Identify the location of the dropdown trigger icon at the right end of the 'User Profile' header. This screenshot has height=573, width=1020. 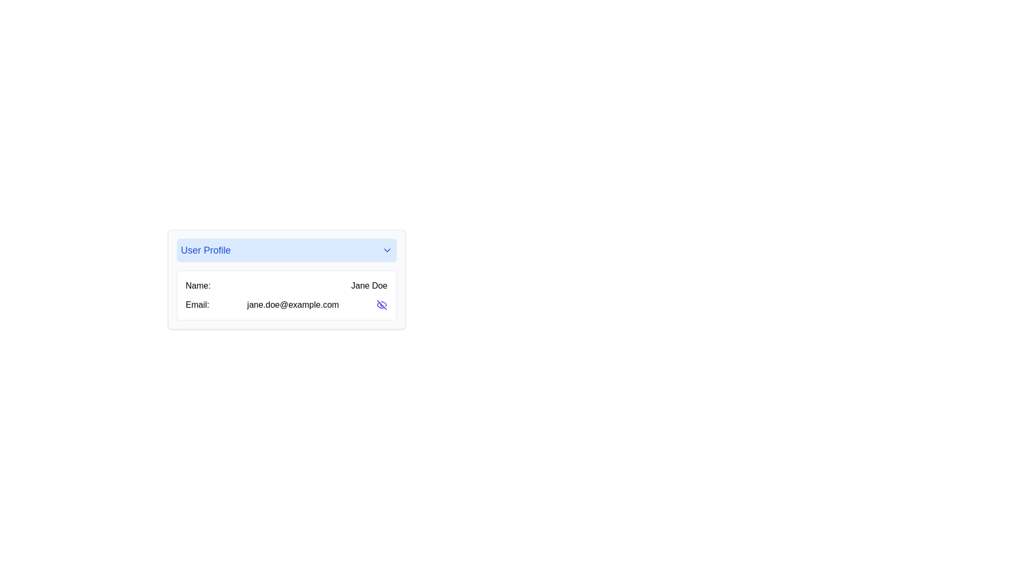
(386, 250).